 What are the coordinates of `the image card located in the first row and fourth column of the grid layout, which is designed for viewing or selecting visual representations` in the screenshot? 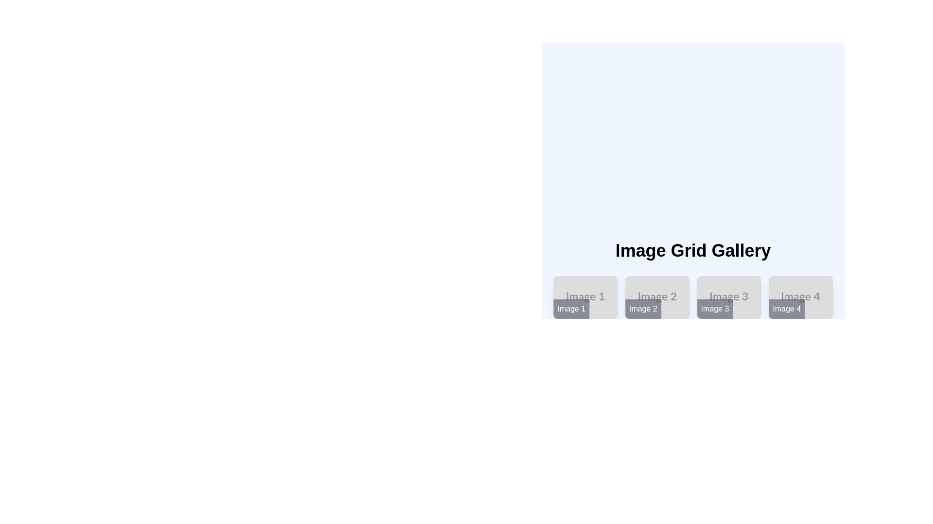 It's located at (801, 297).